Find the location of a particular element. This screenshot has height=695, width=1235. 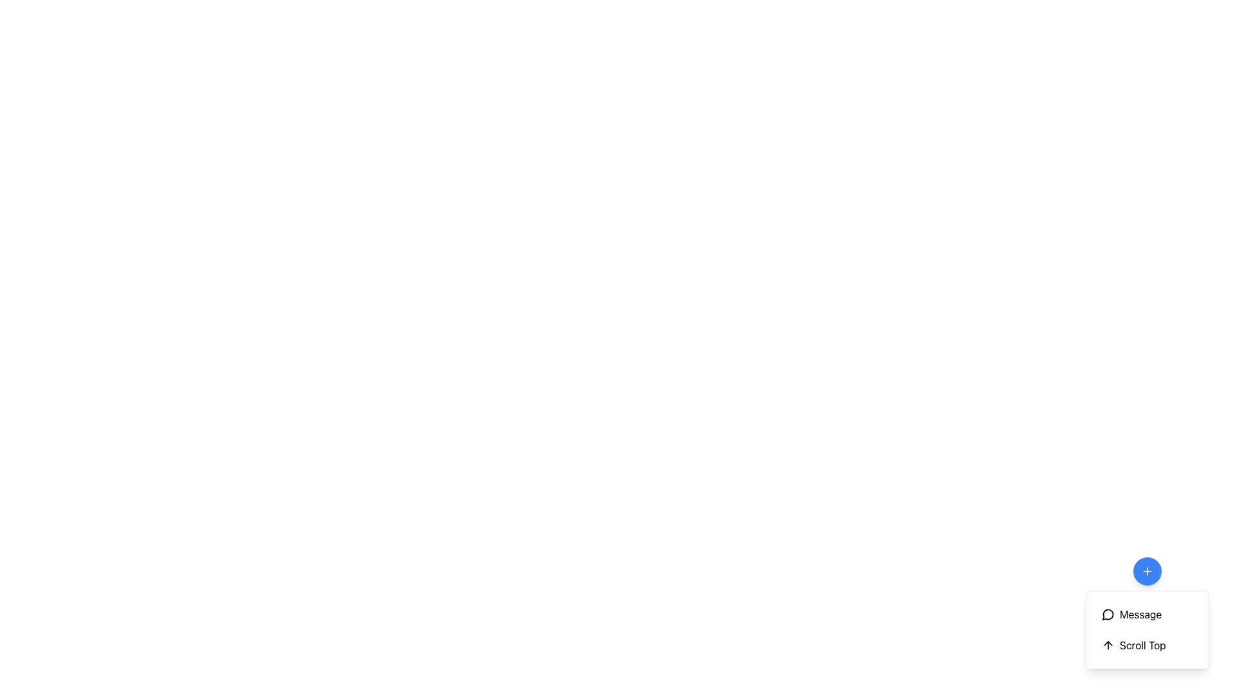

to select or activate the Interactive menu option, which is a rectangular white card containing 'Message' and 'Scroll Top' options, located in the bottom-right corner of the interface is located at coordinates (1148, 612).